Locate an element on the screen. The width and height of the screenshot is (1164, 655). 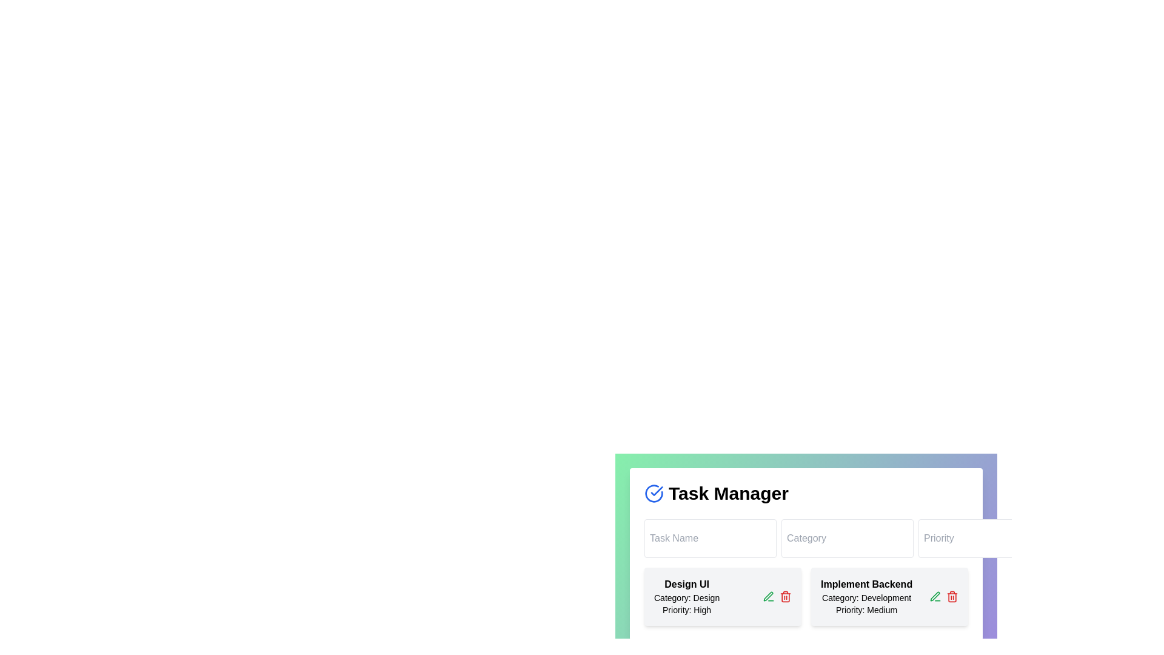
the editing icon located next to the 'Implement Backend' section to initiate an editing action is located at coordinates (768, 596).